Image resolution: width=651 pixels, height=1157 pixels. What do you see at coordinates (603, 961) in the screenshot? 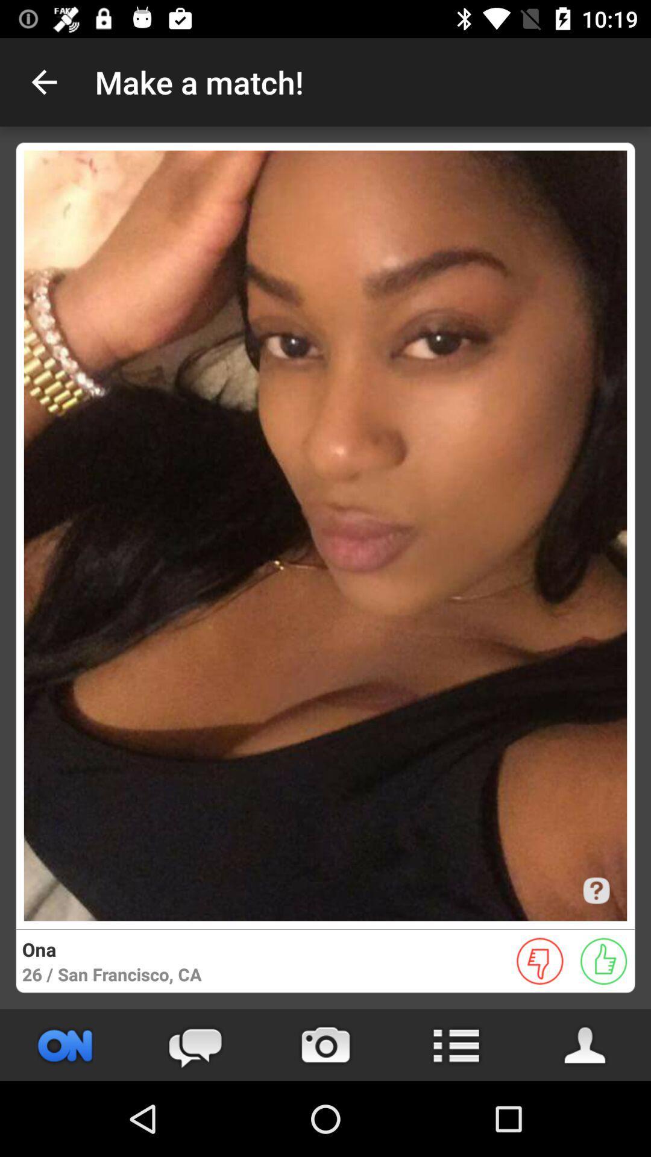
I see `the thumbs_up icon` at bounding box center [603, 961].